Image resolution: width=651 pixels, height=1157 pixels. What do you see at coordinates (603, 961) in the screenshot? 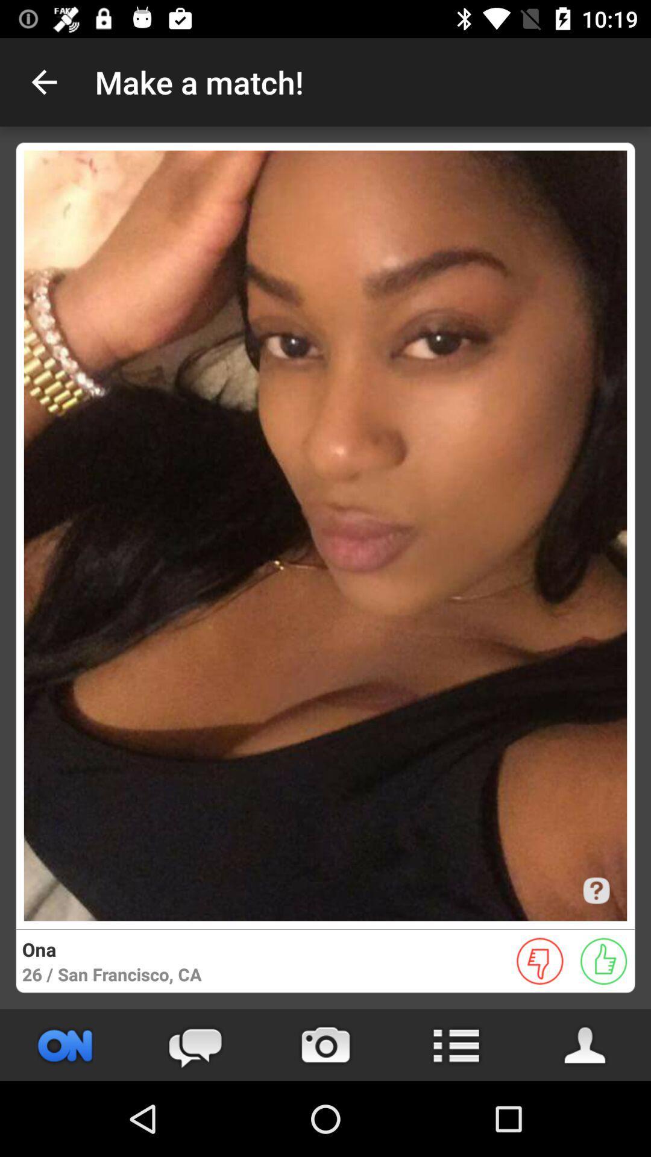
I see `the thumbs_up icon` at bounding box center [603, 961].